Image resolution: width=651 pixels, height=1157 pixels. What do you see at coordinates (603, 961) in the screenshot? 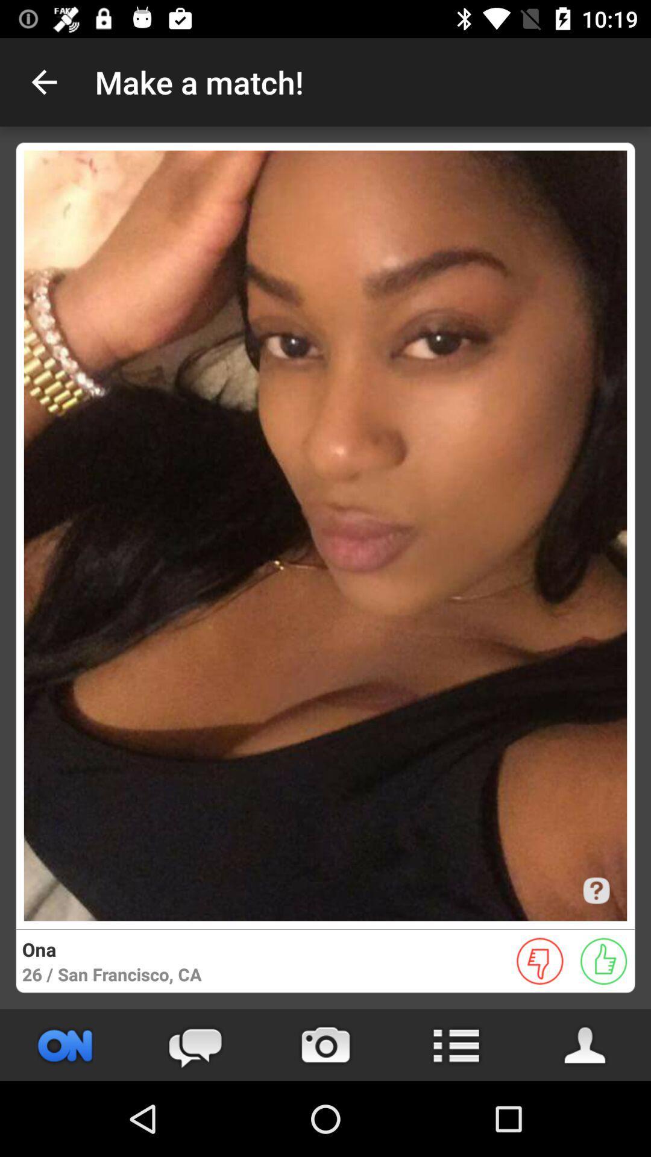
I see `the thumbs_up icon` at bounding box center [603, 961].